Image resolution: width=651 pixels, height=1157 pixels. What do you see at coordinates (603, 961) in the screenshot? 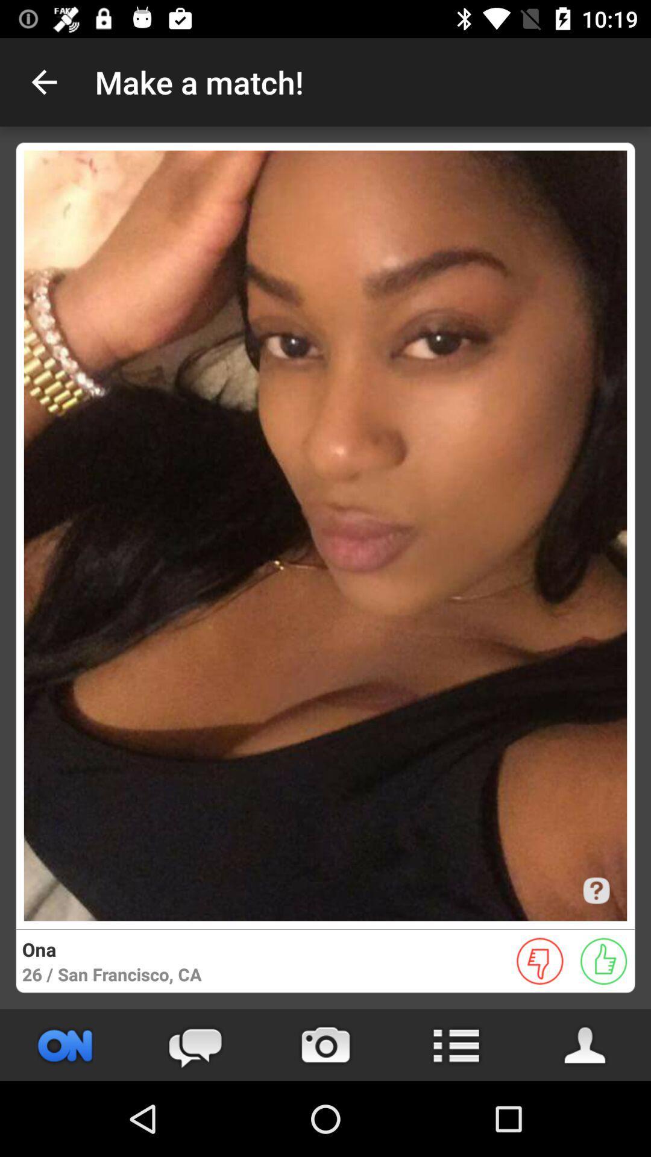
I see `the thumbs_up icon` at bounding box center [603, 961].